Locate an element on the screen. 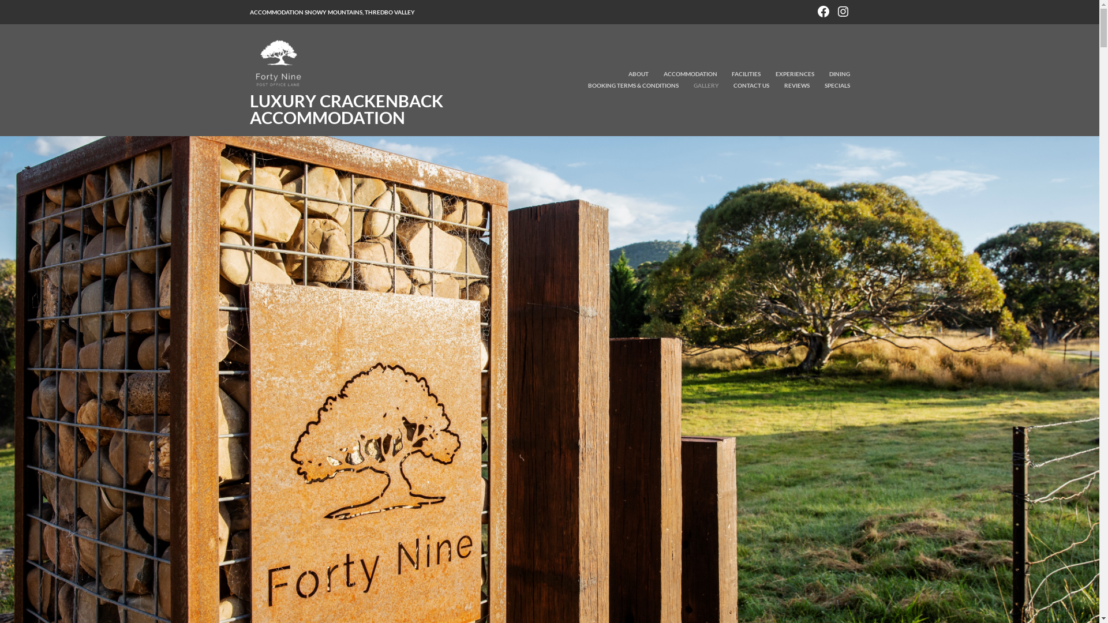 This screenshot has height=623, width=1108. 'INSTAGRAM' is located at coordinates (842, 10).